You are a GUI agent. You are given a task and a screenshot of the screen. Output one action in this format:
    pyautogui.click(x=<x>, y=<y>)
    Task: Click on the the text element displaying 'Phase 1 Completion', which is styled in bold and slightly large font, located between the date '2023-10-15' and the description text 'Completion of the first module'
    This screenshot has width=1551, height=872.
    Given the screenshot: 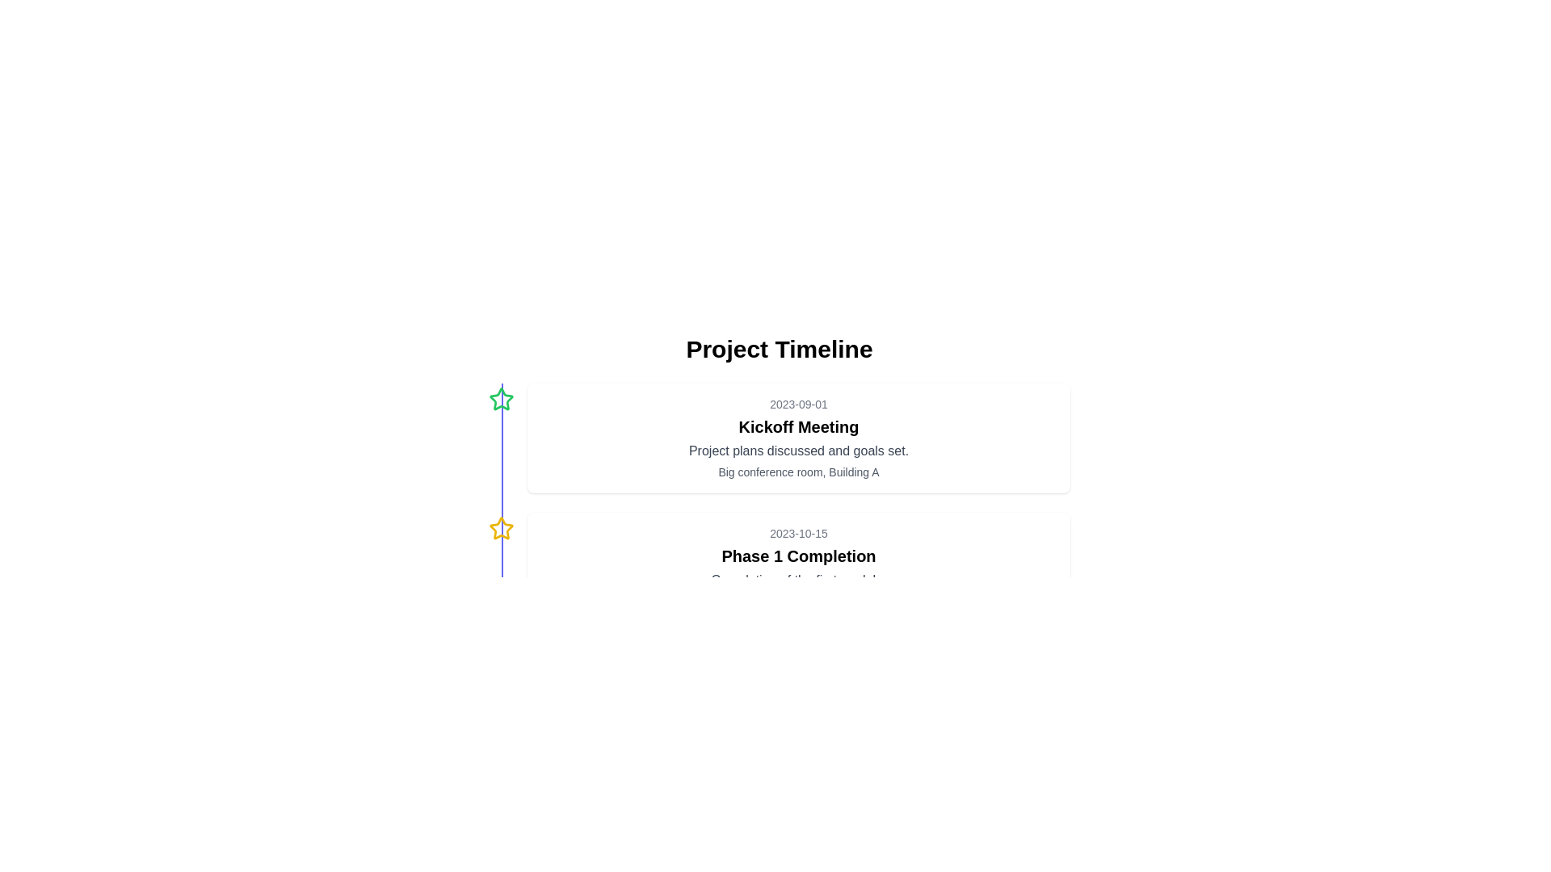 What is the action you would take?
    pyautogui.click(x=798, y=555)
    